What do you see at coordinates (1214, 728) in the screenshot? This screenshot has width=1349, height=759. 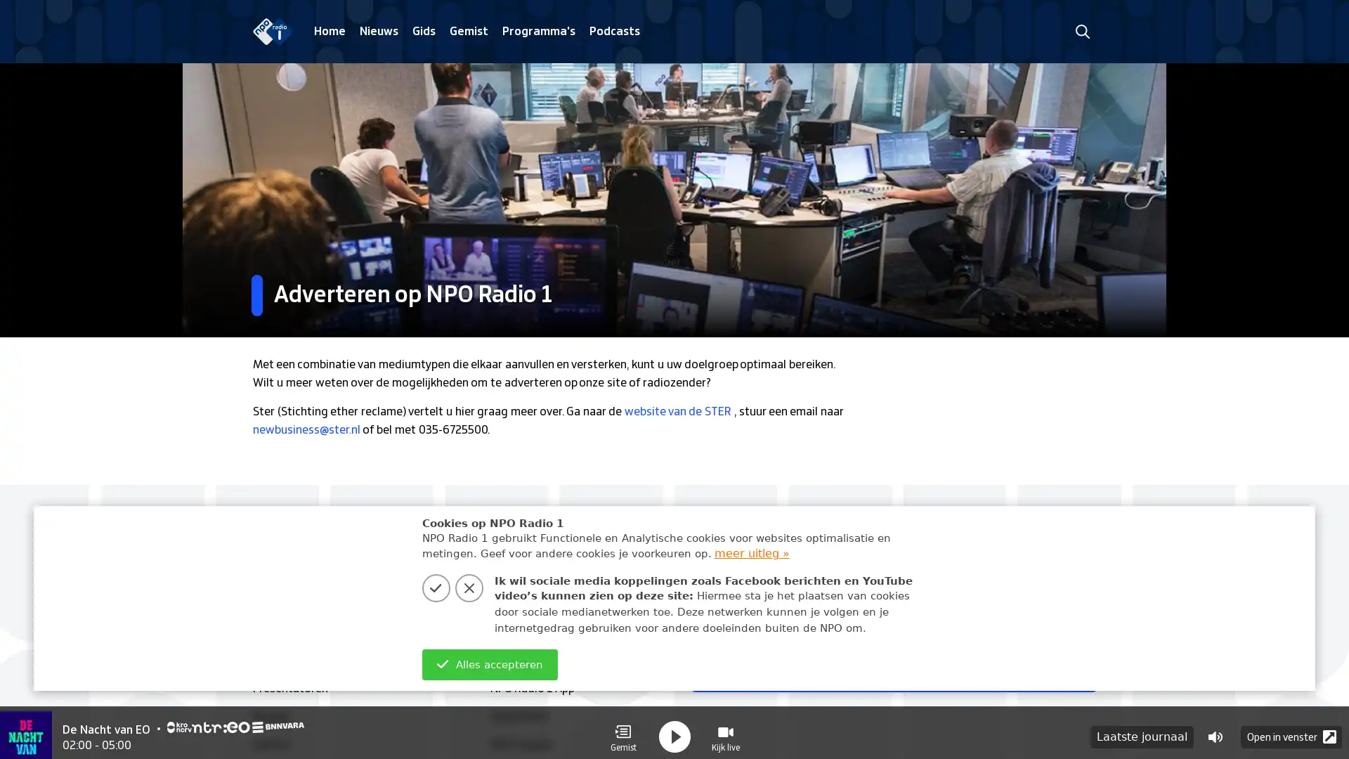 I see `Volume control` at bounding box center [1214, 728].